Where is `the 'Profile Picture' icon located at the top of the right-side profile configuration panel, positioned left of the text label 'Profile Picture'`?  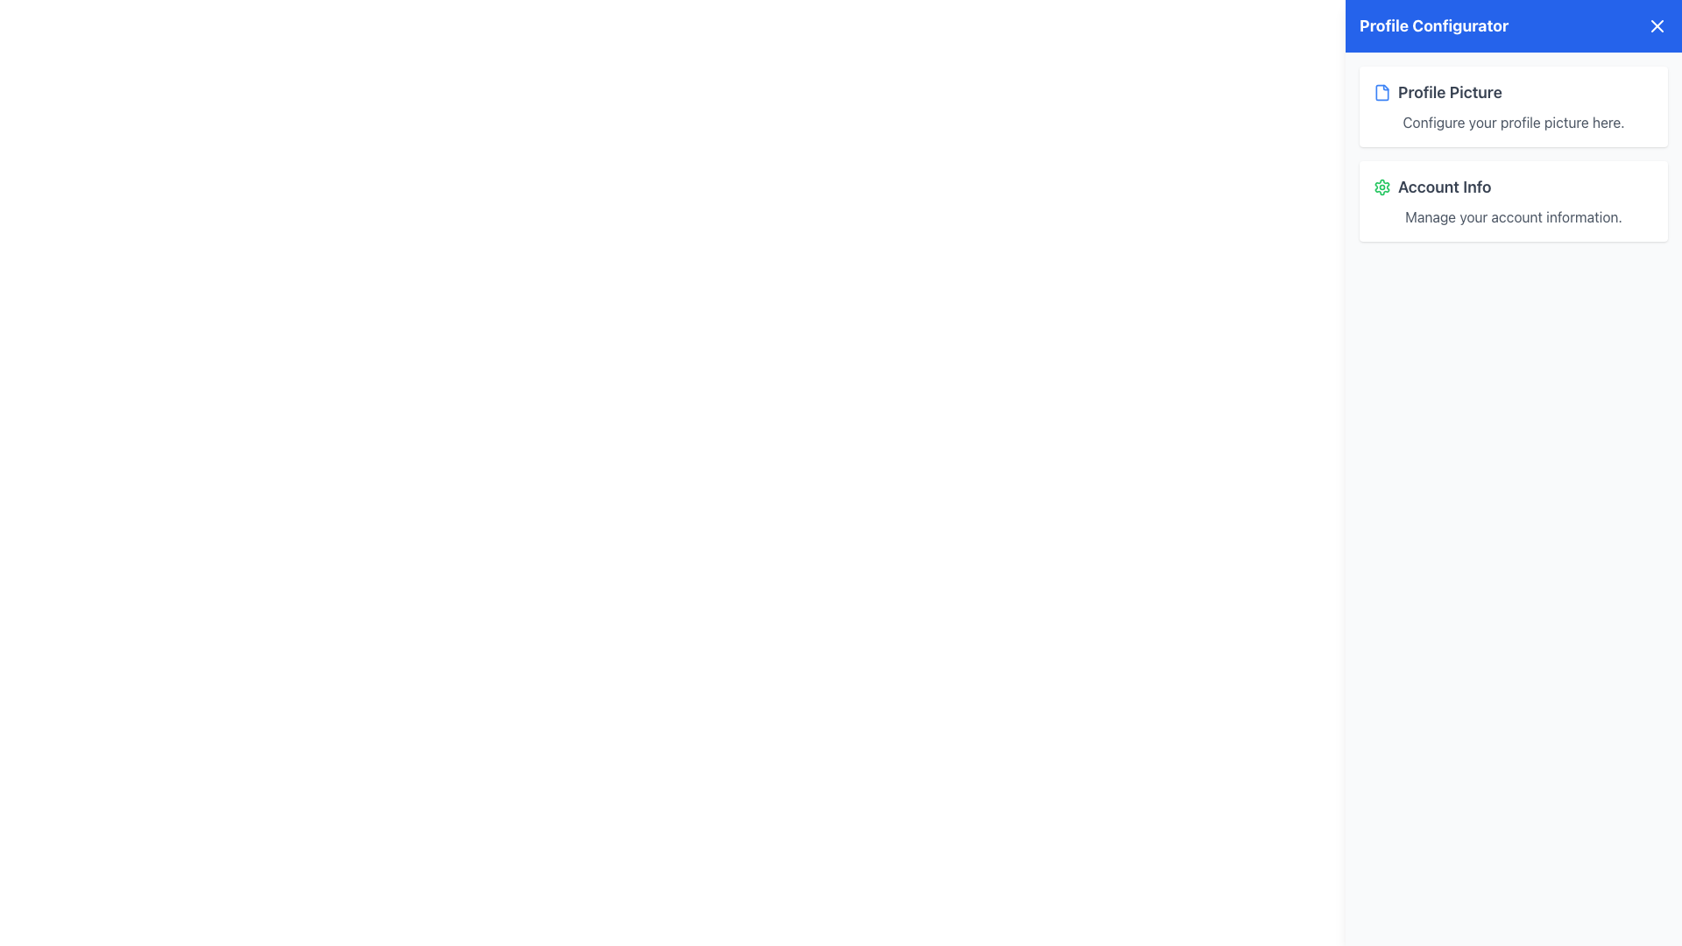 the 'Profile Picture' icon located at the top of the right-side profile configuration panel, positioned left of the text label 'Profile Picture' is located at coordinates (1382, 92).